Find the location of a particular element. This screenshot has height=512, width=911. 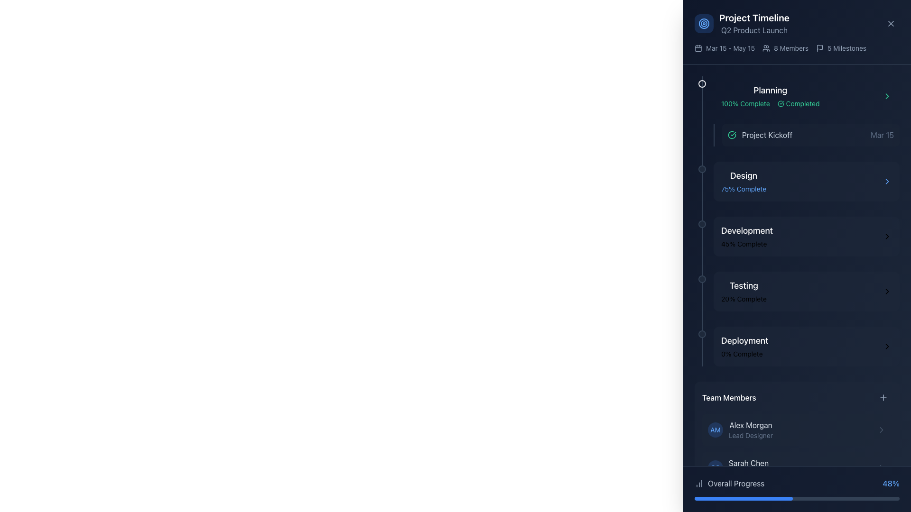

the 'Development' progress text label, which indicates the completion percentage of the project is located at coordinates (744, 244).